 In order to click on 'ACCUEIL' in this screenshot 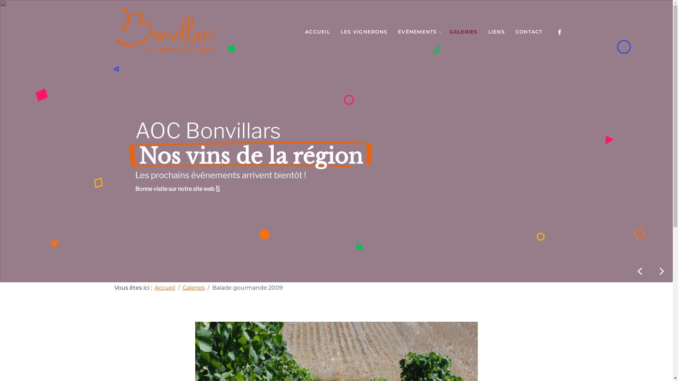, I will do `click(317, 31)`.